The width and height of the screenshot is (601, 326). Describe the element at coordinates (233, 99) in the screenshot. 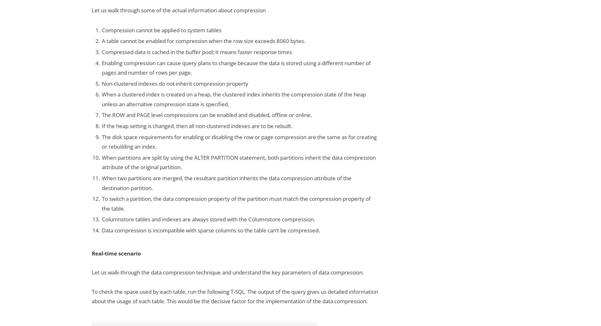

I see `'When a clustered index is created on a heap, the clustered index inherits the compression state of the heap unless an alternative compression state is specified.'` at that location.